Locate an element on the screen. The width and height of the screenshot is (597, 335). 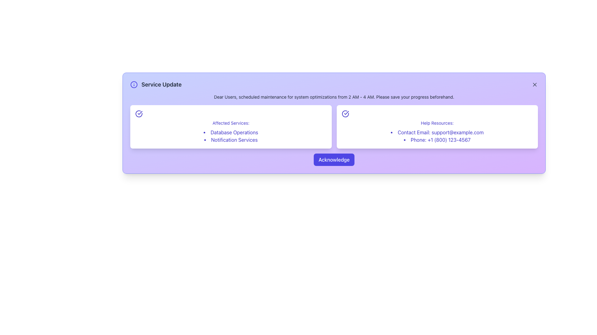
the blue rectangular button labeled 'Acknowledge' to observe its visual effects is located at coordinates (334, 159).